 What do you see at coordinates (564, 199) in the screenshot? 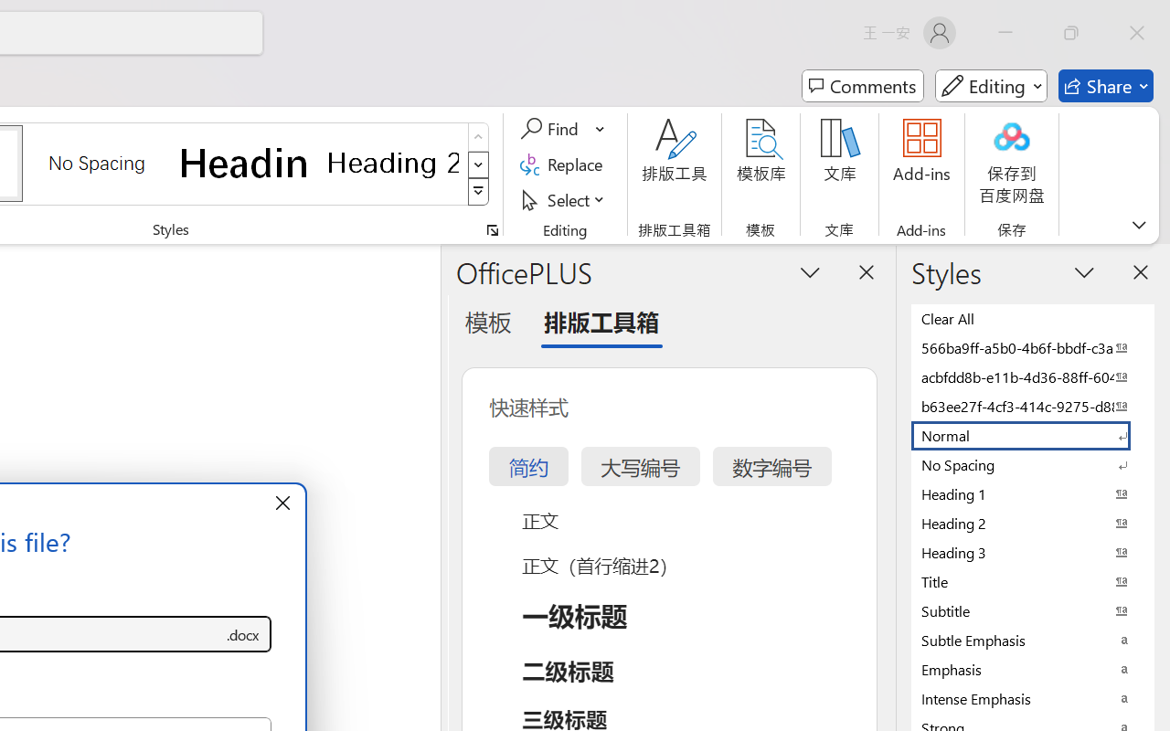
I see `'Select'` at bounding box center [564, 199].